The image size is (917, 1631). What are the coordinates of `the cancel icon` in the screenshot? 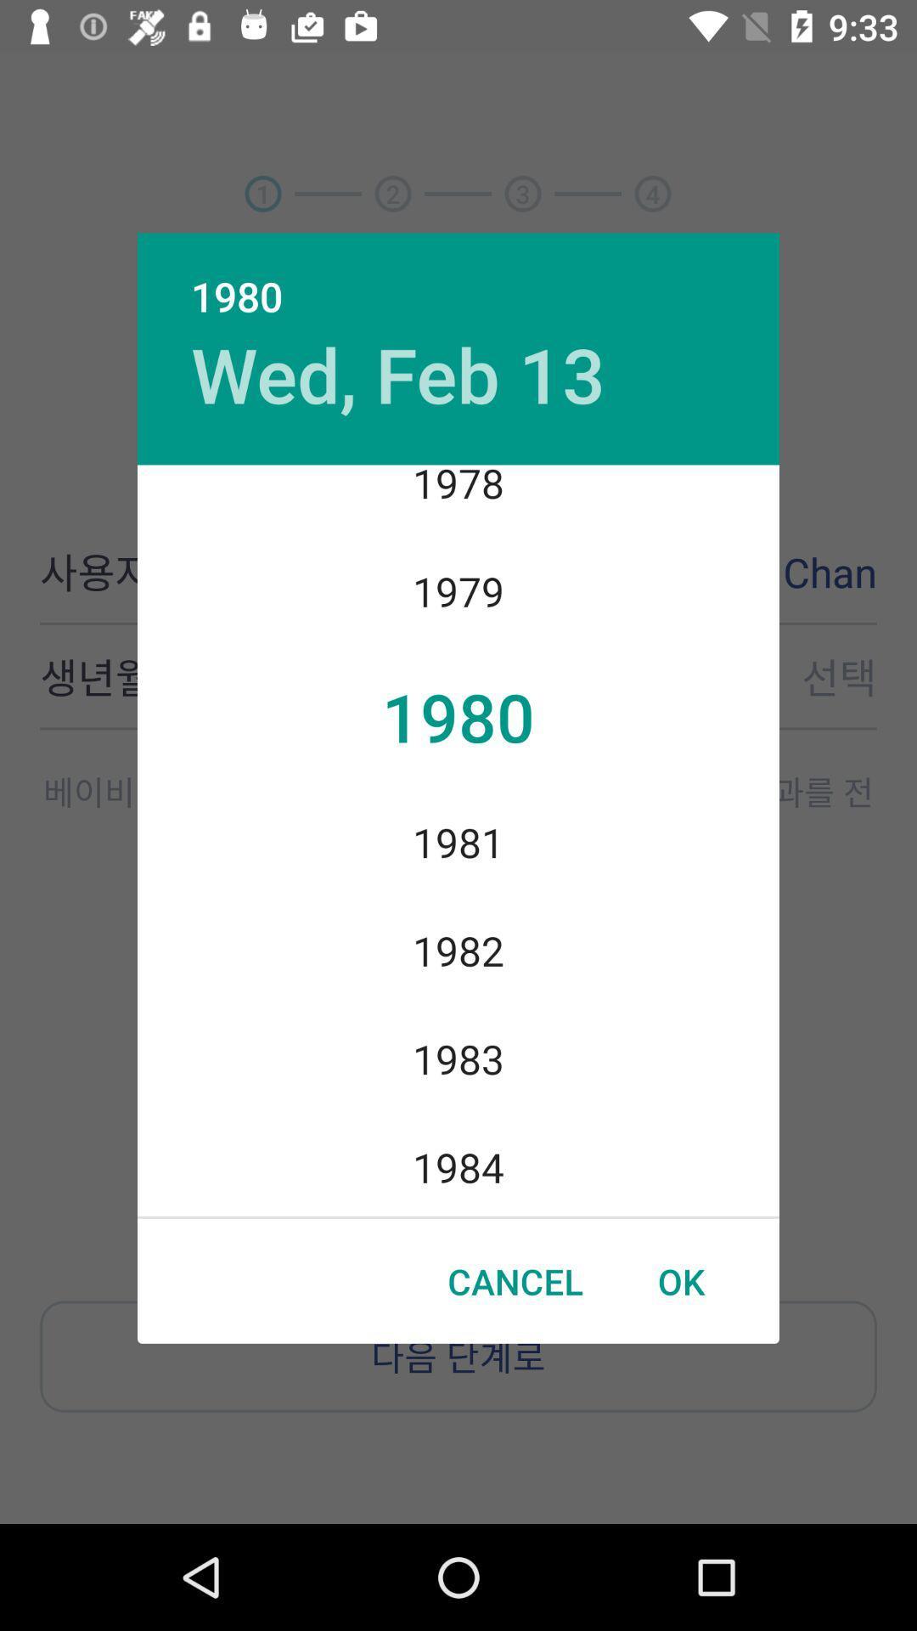 It's located at (515, 1281).